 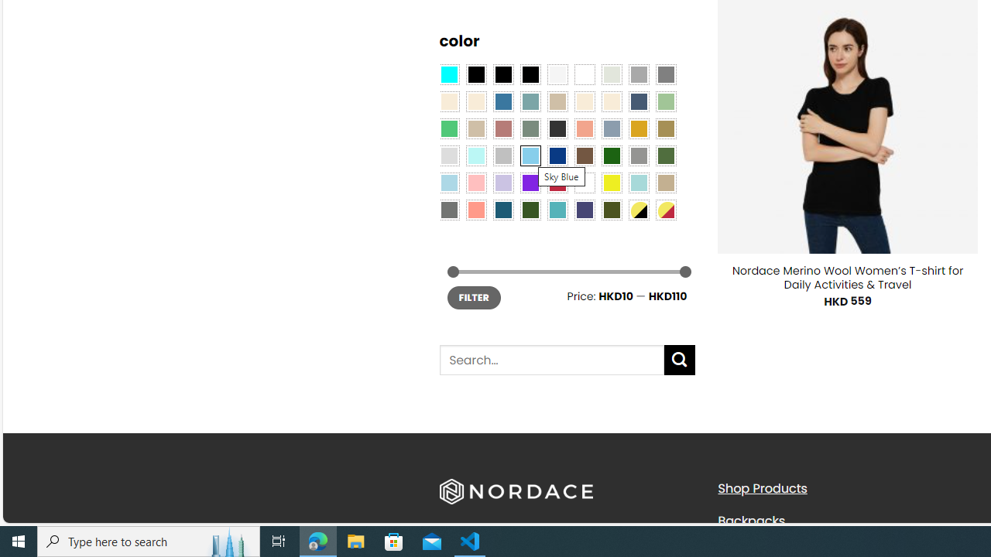 What do you see at coordinates (845, 521) in the screenshot?
I see `'Backpacks'` at bounding box center [845, 521].